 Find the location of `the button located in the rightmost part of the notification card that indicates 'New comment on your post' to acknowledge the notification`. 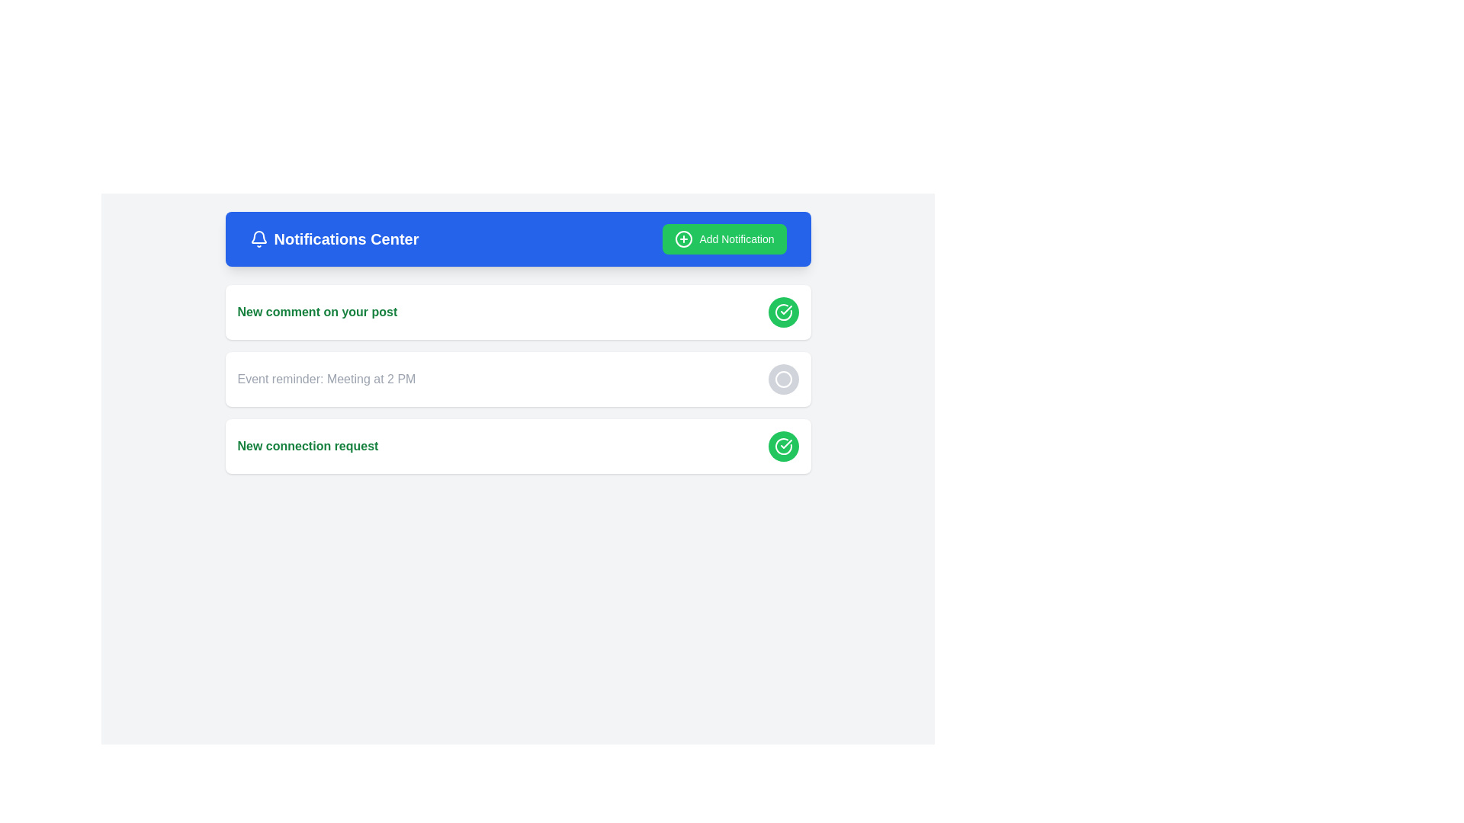

the button located in the rightmost part of the notification card that indicates 'New comment on your post' to acknowledge the notification is located at coordinates (783, 311).